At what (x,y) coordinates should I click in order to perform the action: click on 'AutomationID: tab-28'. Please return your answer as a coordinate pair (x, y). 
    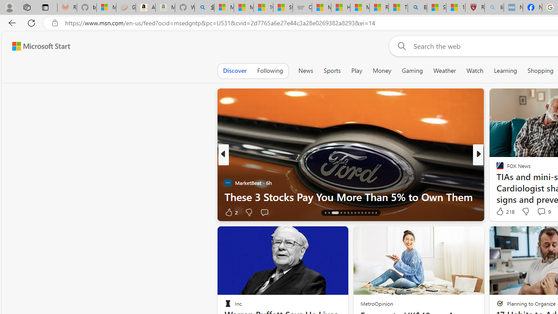
    Looking at the image, I should click on (376, 213).